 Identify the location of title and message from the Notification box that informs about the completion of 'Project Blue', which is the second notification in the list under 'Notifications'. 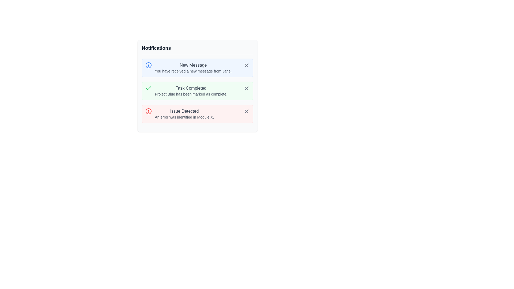
(197, 90).